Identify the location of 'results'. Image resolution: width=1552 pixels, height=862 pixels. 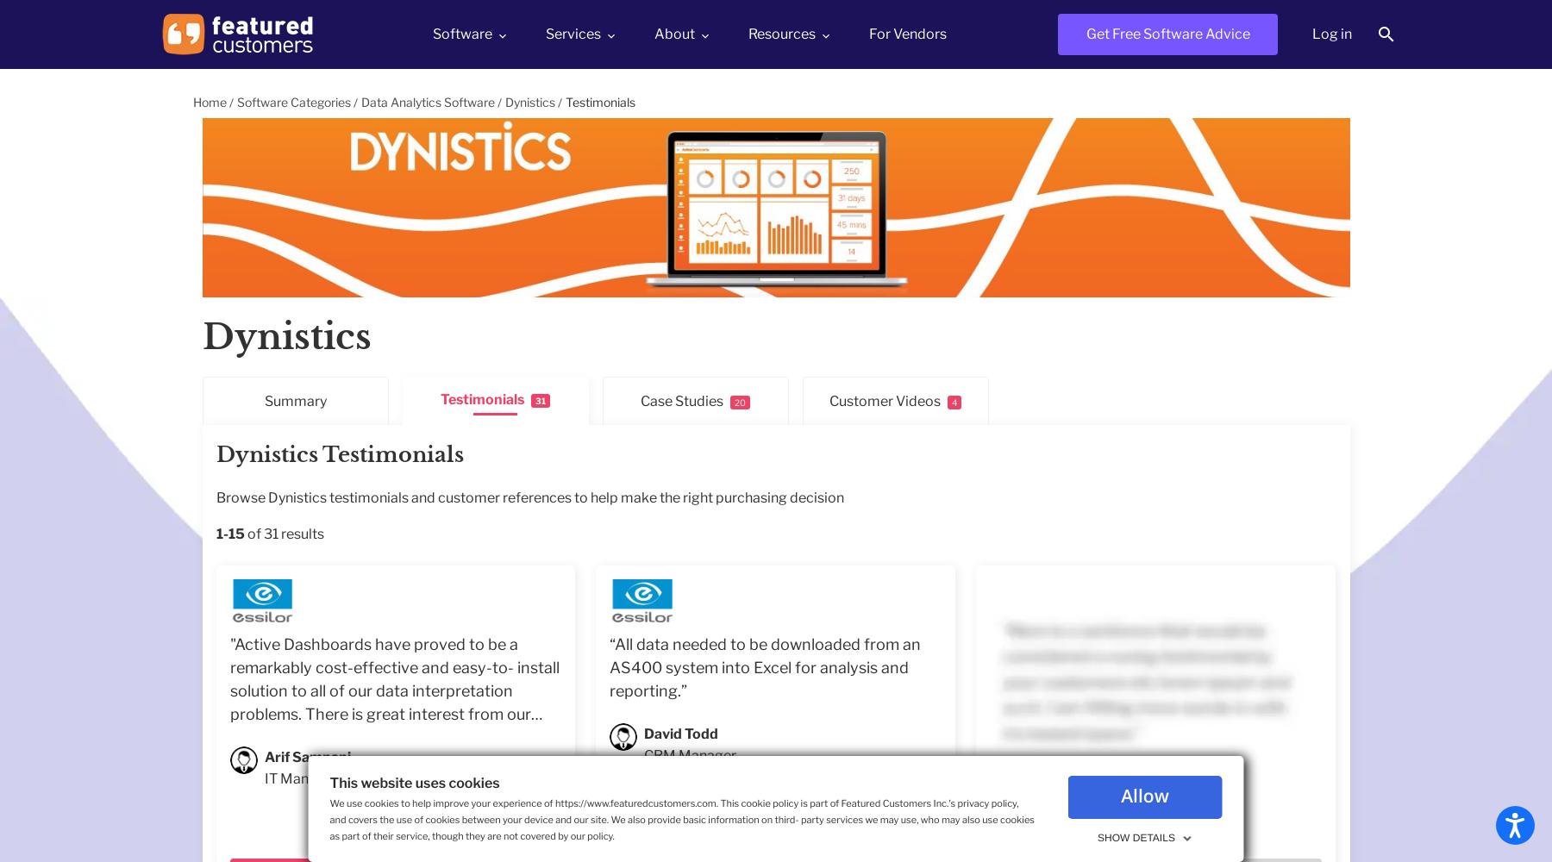
(300, 533).